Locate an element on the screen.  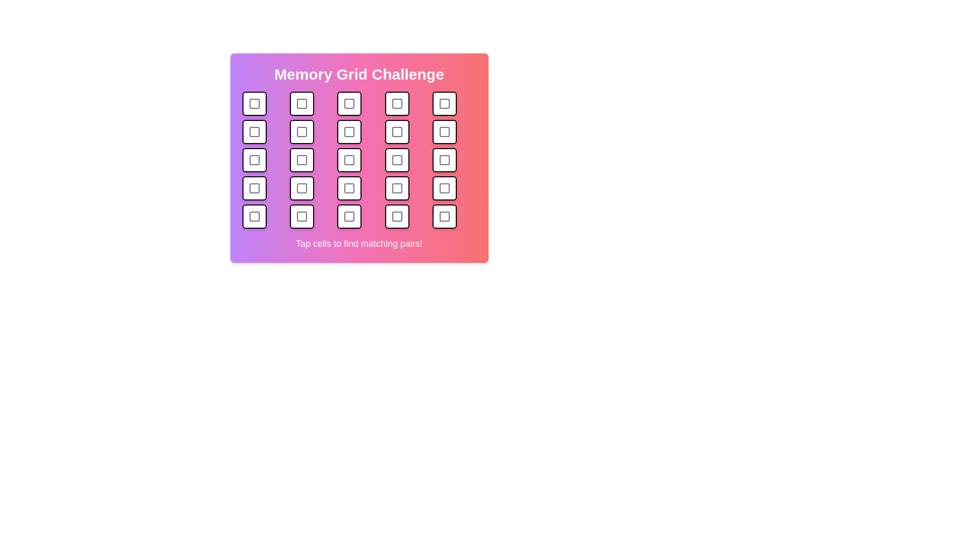
the title 'Memory Grid Challenge' to select it is located at coordinates (359, 74).